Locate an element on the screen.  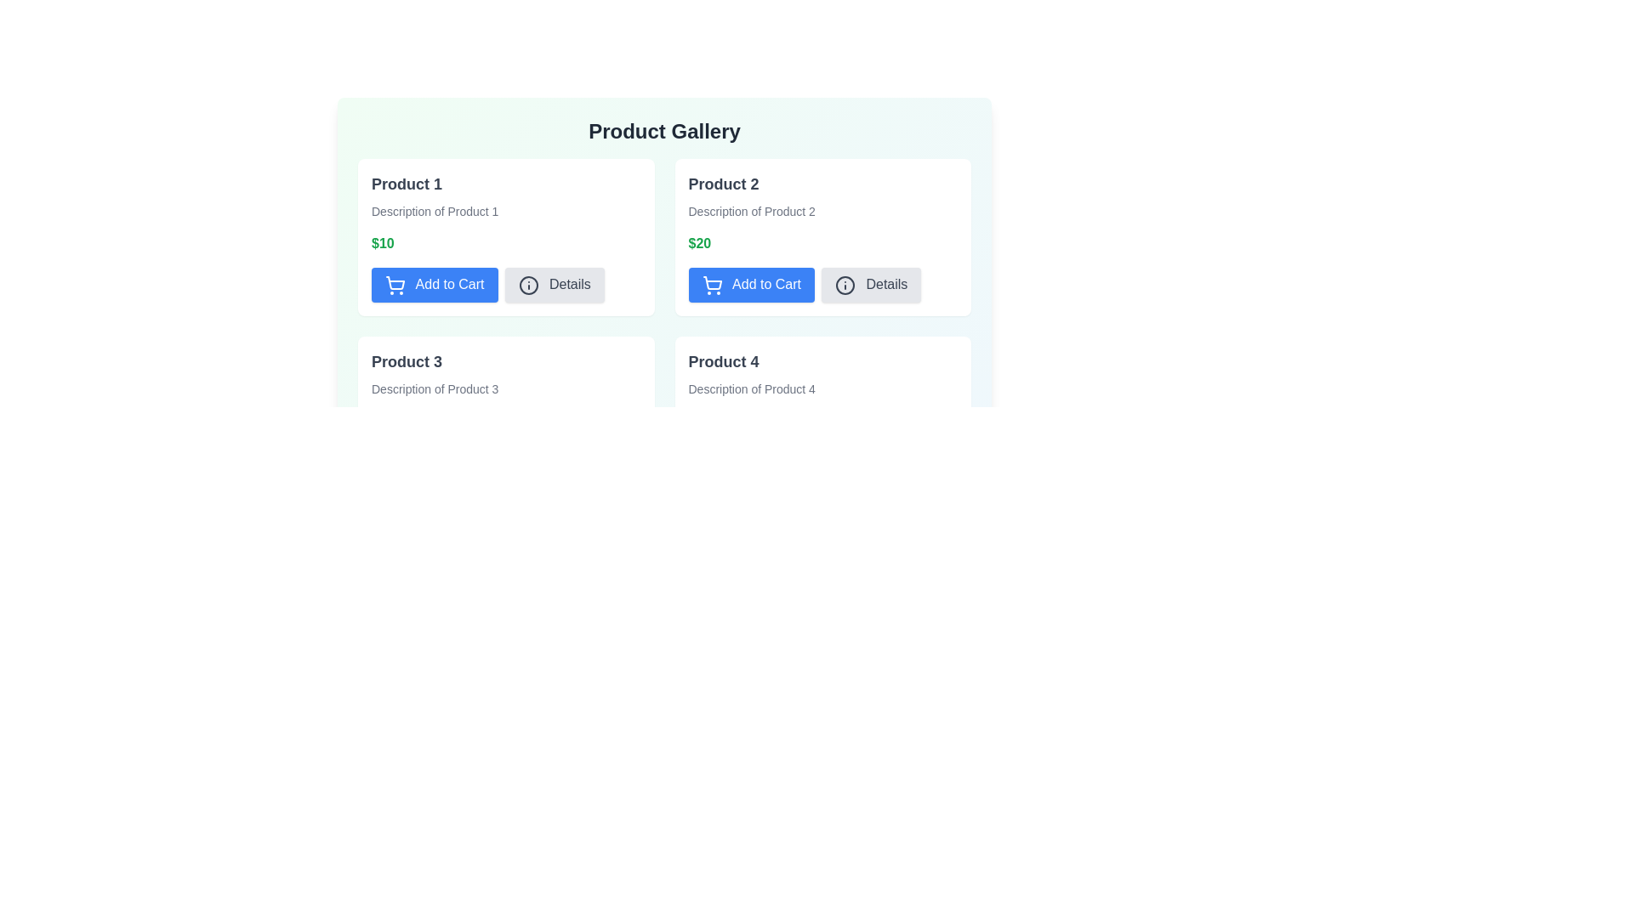
the 'Add to Cart' button for 'Product 2' located in the 'Product 2' card, positioned below the product title, description, and price is located at coordinates (804, 284).